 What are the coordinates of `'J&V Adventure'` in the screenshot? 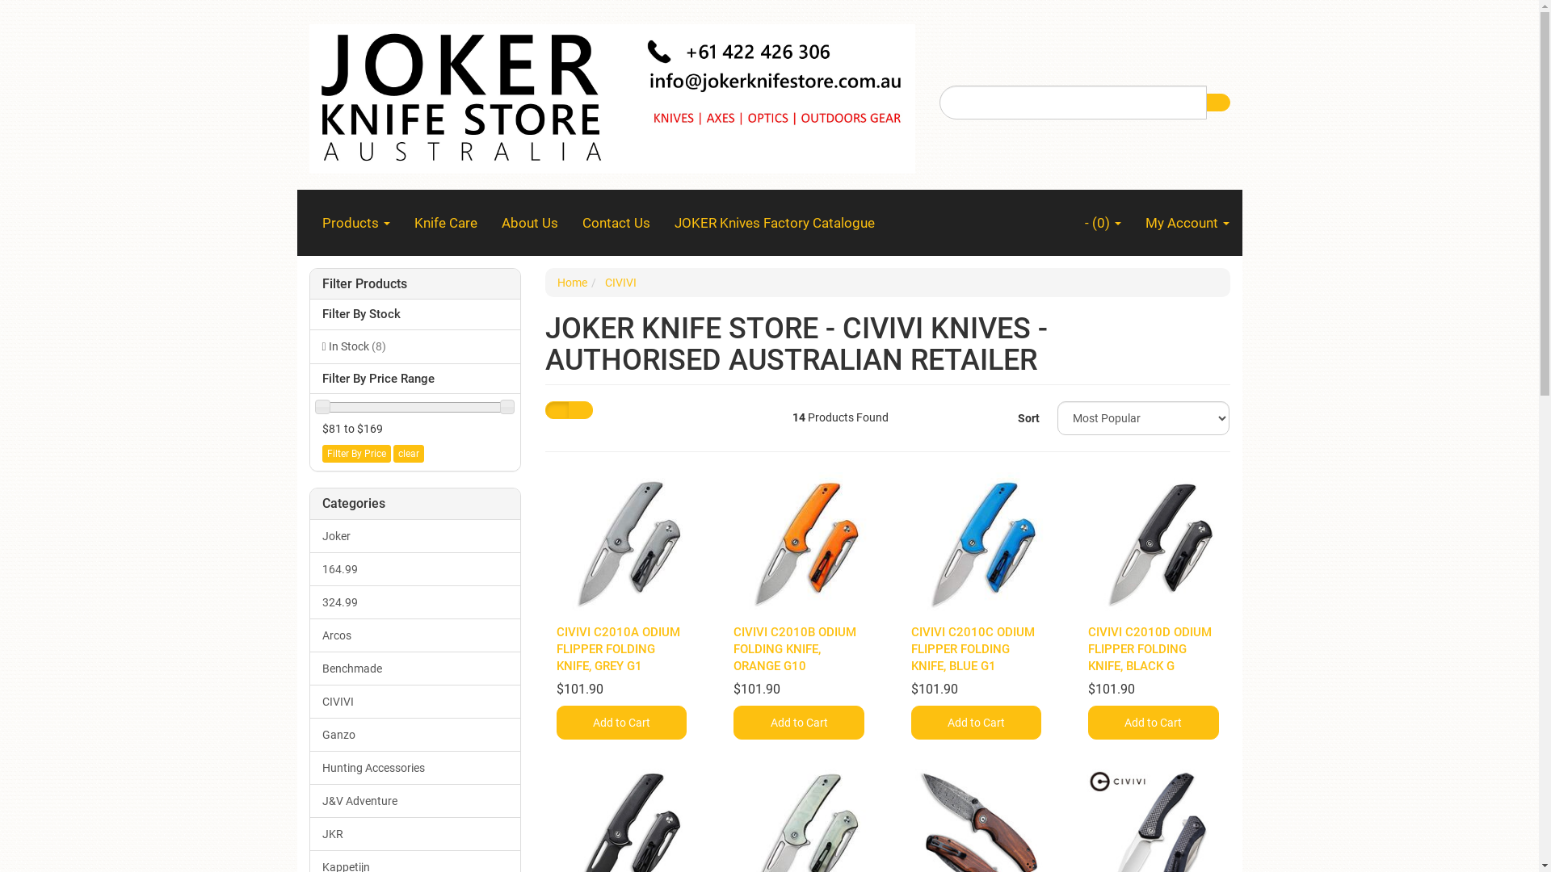 It's located at (415, 800).